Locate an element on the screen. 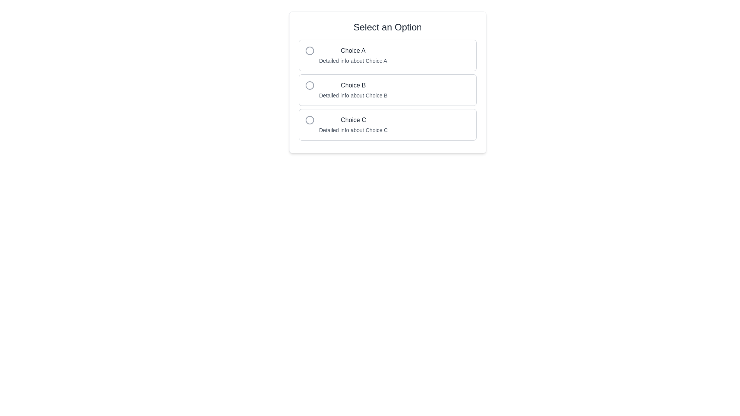 This screenshot has height=416, width=740. the text label reading 'Choice B', which is styled with a medium-weight font in dark gray color and is part of a vertically stacked list of options is located at coordinates (353, 86).